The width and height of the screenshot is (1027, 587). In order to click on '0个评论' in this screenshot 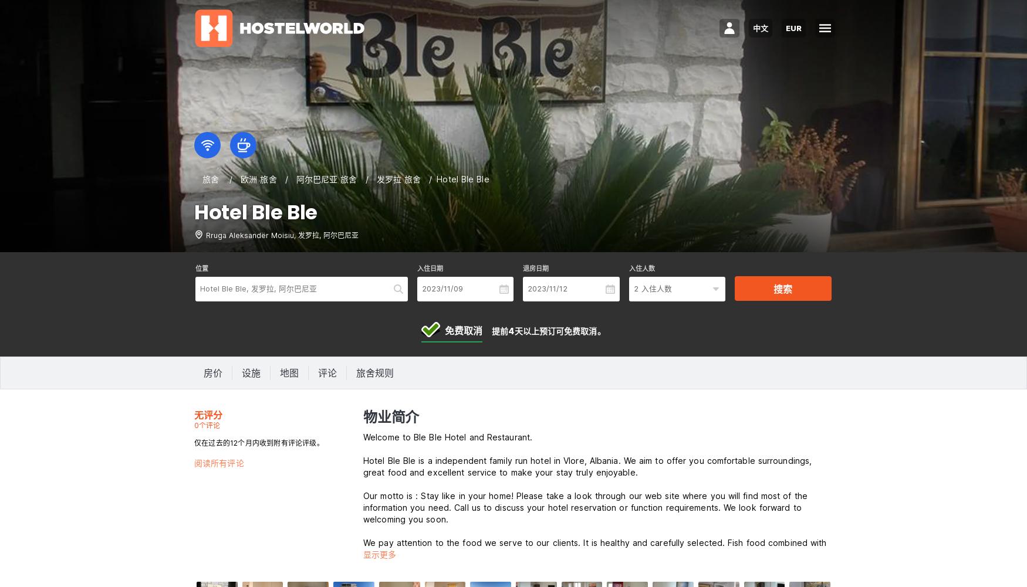, I will do `click(207, 425)`.